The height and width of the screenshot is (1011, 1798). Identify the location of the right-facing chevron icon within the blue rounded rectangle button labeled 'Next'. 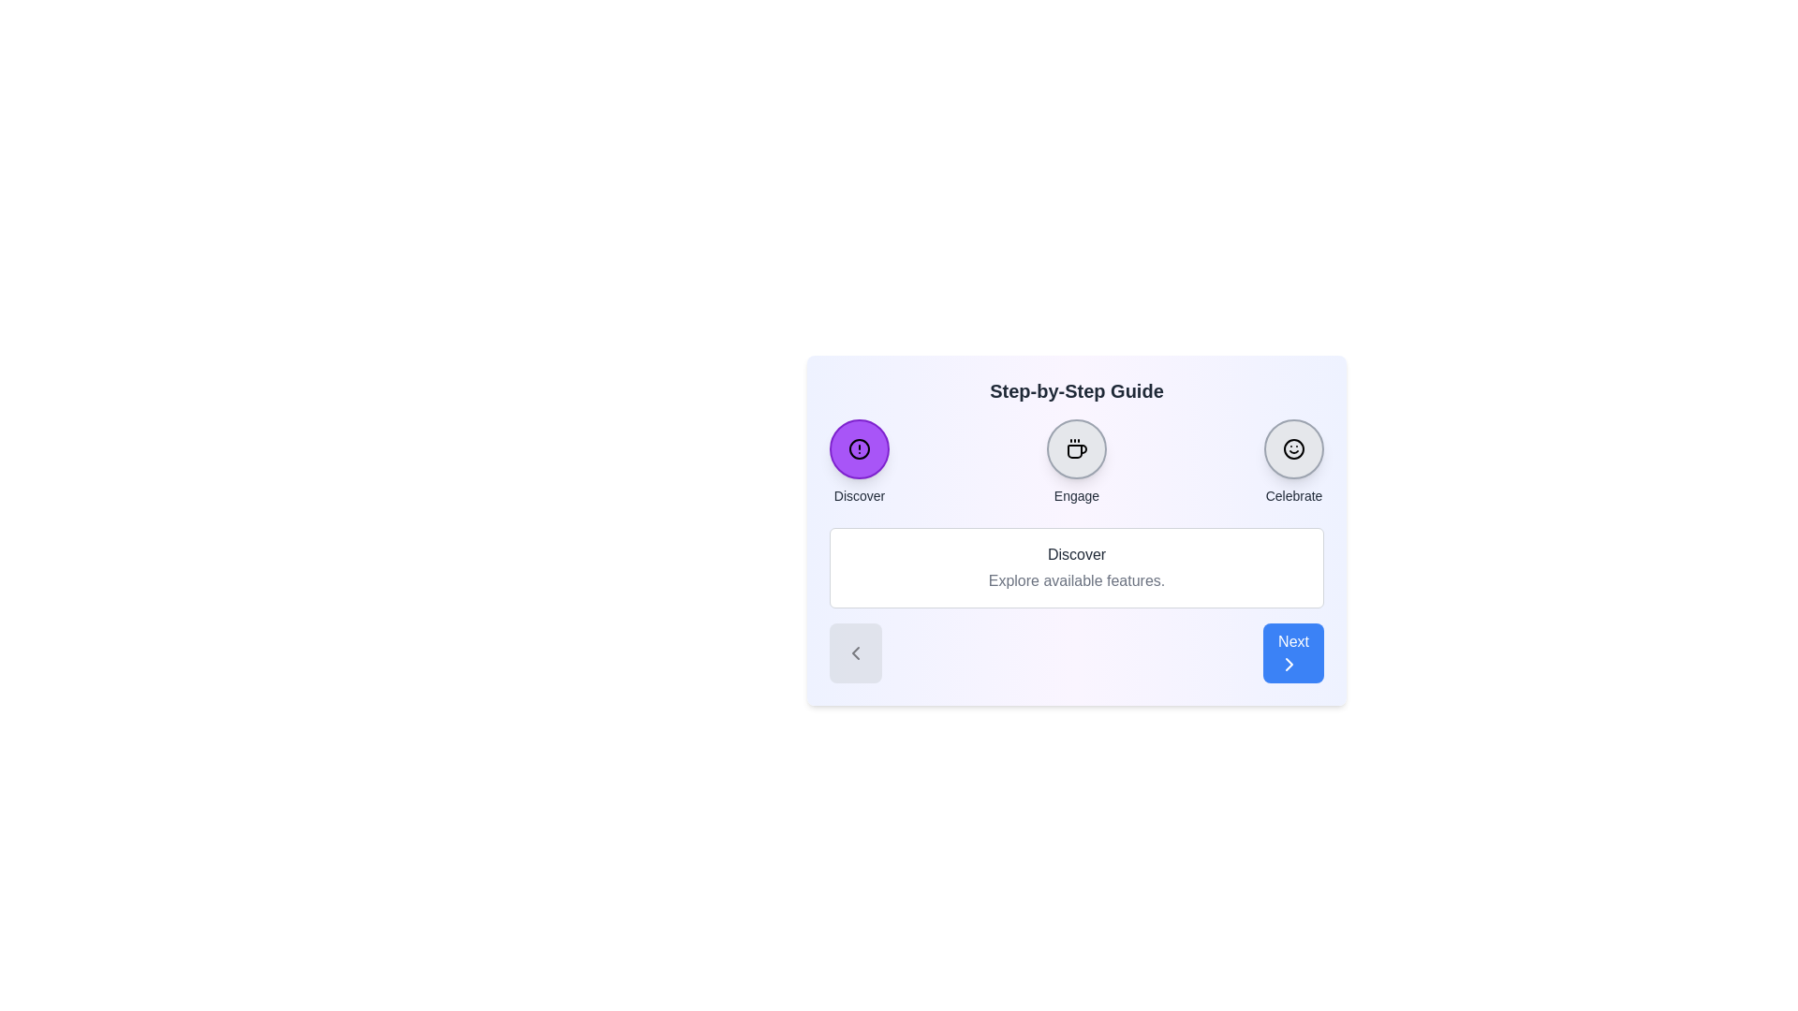
(1289, 663).